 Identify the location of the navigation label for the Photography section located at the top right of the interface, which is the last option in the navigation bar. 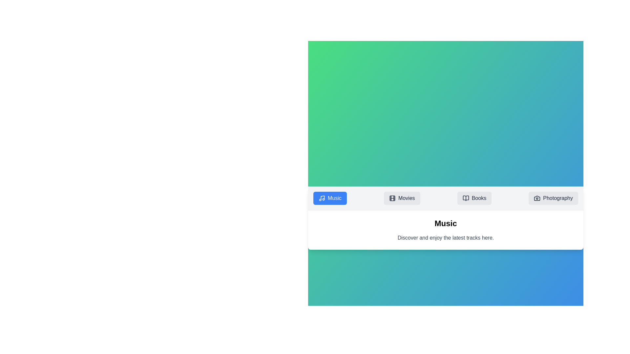
(557, 198).